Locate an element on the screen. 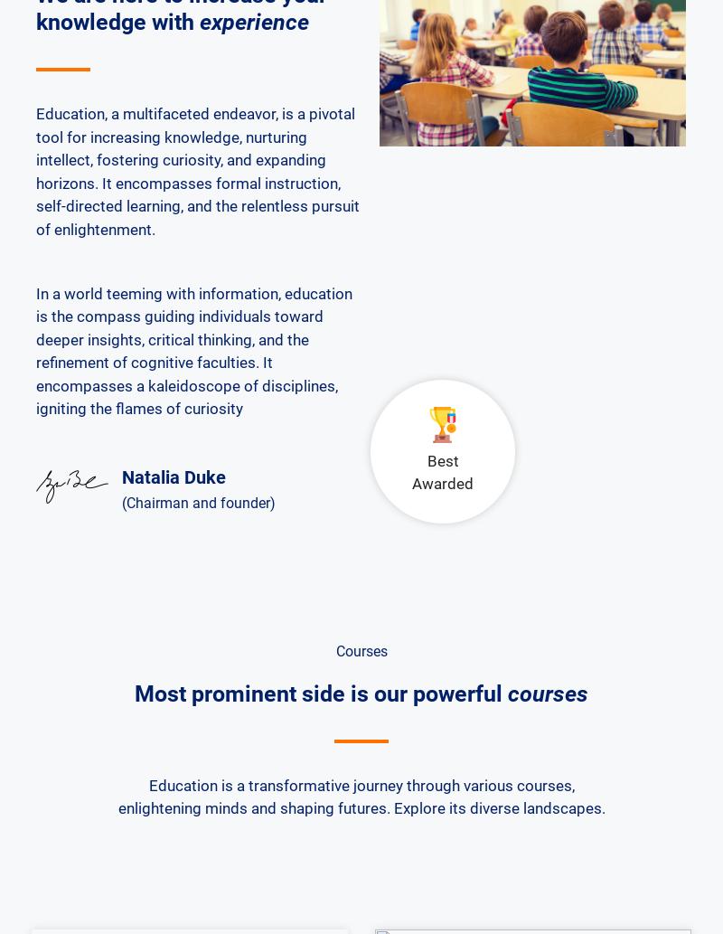 The image size is (723, 934). 'Education is a transformative journey through various courses, enlightening minds and shaping futures. Explore its diverse landscapes.' is located at coordinates (360, 796).